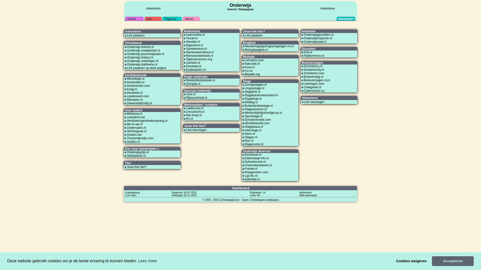 This screenshot has height=270, width=481. Describe the element at coordinates (255, 88) in the screenshot. I see `'Linguastage.nl'` at that location.